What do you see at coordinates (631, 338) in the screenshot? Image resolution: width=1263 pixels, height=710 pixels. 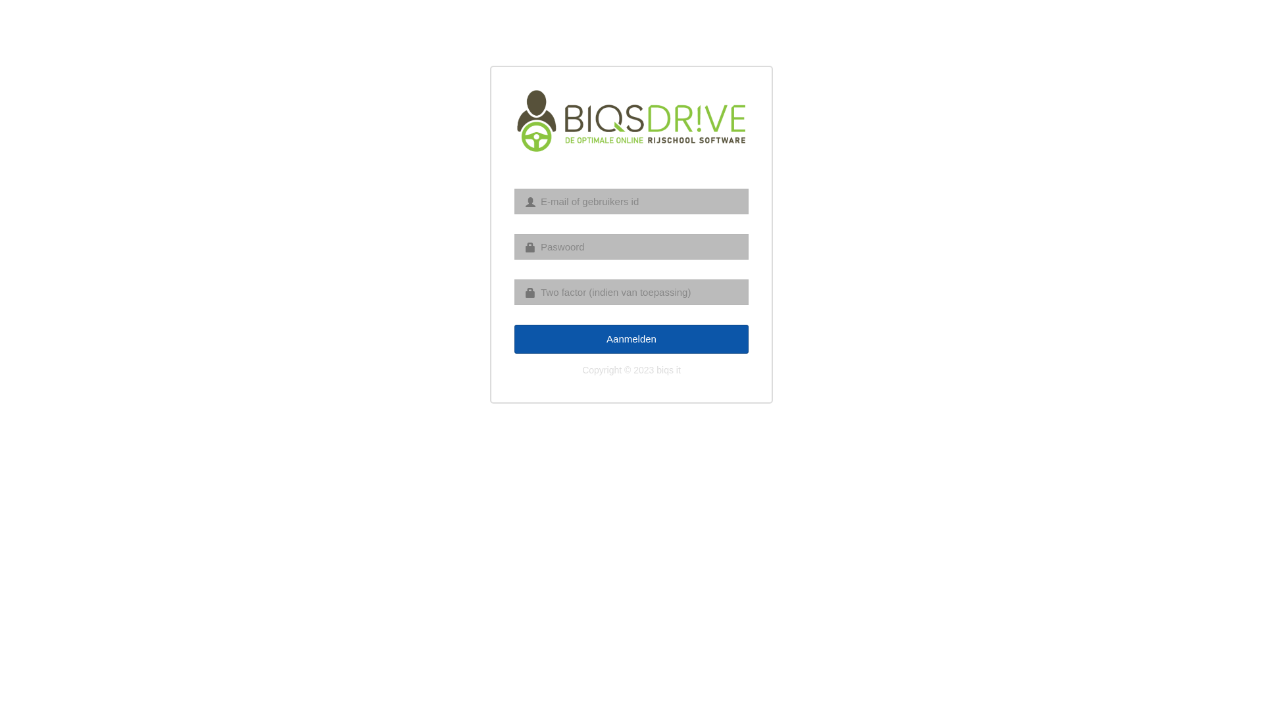 I see `'Aanmelden'` at bounding box center [631, 338].